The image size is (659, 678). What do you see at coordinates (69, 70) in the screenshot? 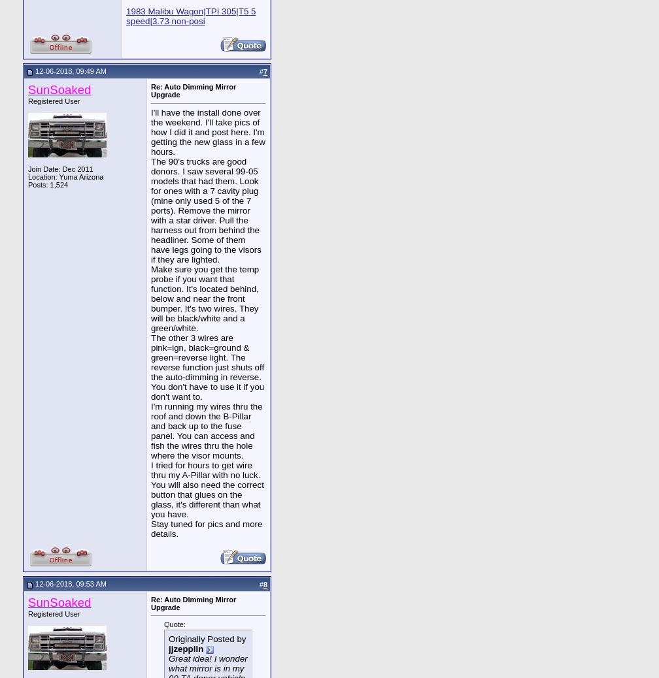
I see `'12-06-2018, 09:49 AM'` at bounding box center [69, 70].